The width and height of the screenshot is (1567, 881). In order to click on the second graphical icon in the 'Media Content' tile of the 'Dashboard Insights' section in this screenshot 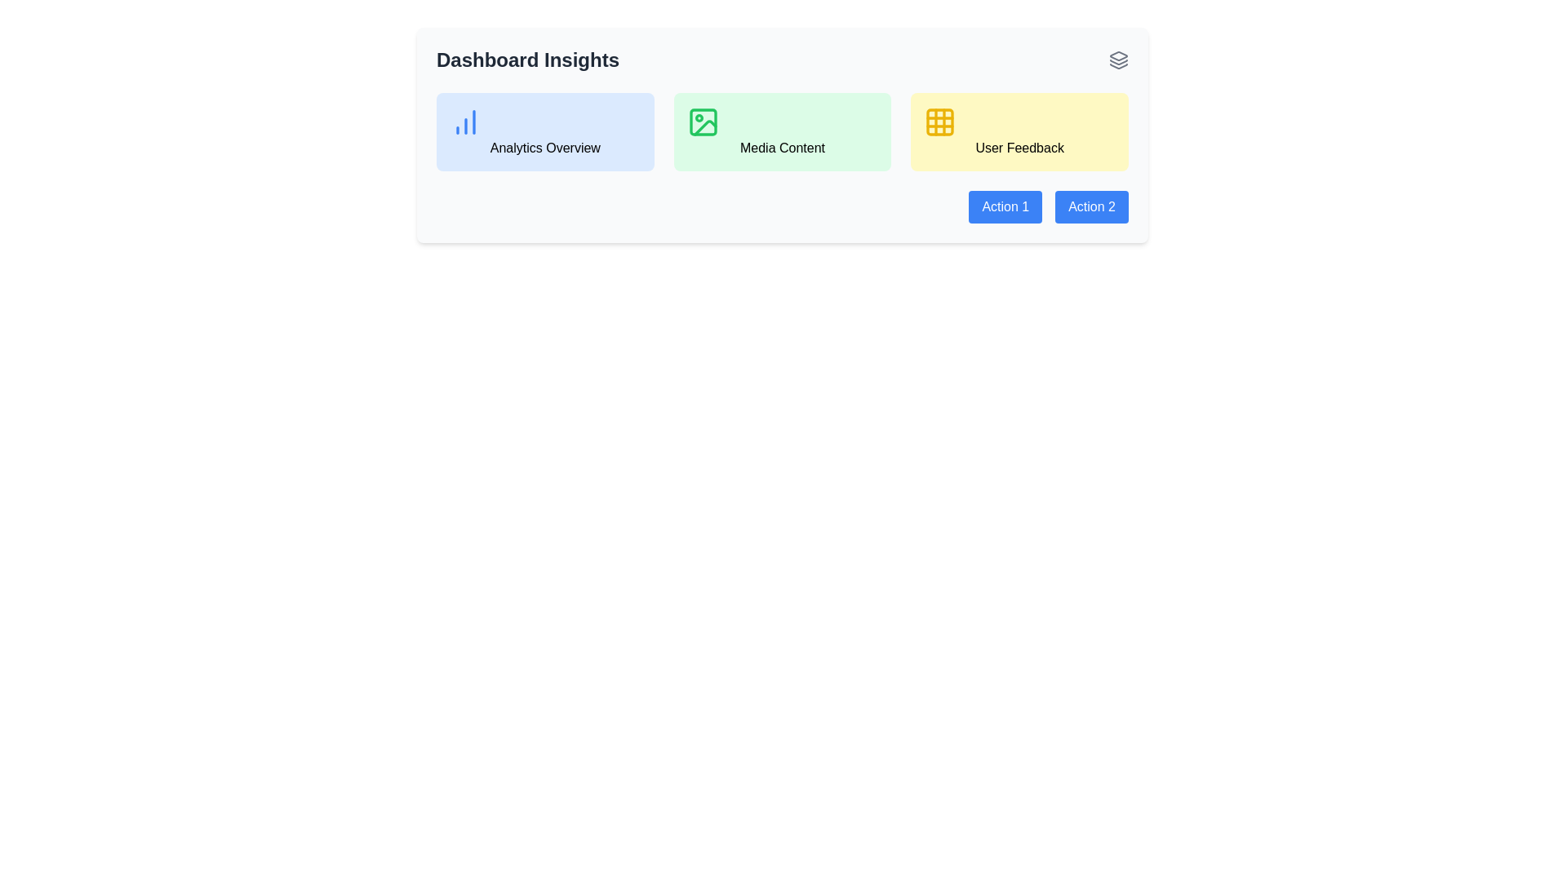, I will do `click(703, 122)`.